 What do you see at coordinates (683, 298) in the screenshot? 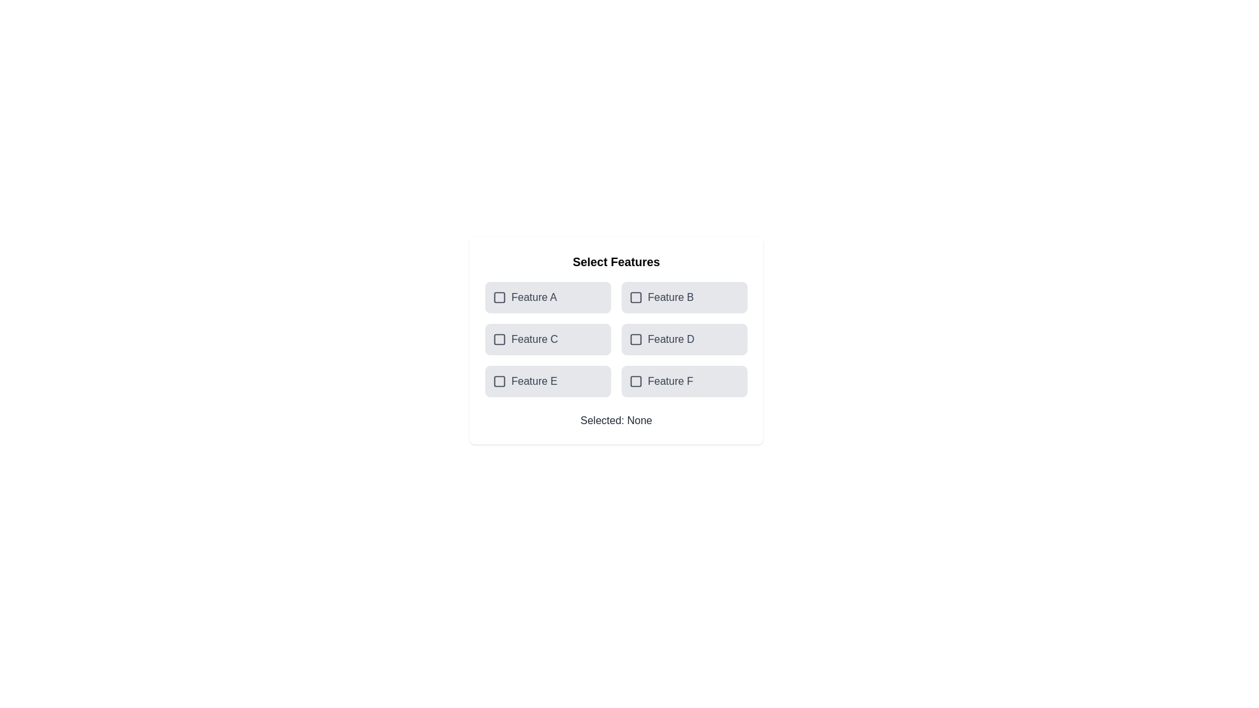
I see `the 'Feature B' selectable button with a checkbox located in the top-right corner of the grid` at bounding box center [683, 298].